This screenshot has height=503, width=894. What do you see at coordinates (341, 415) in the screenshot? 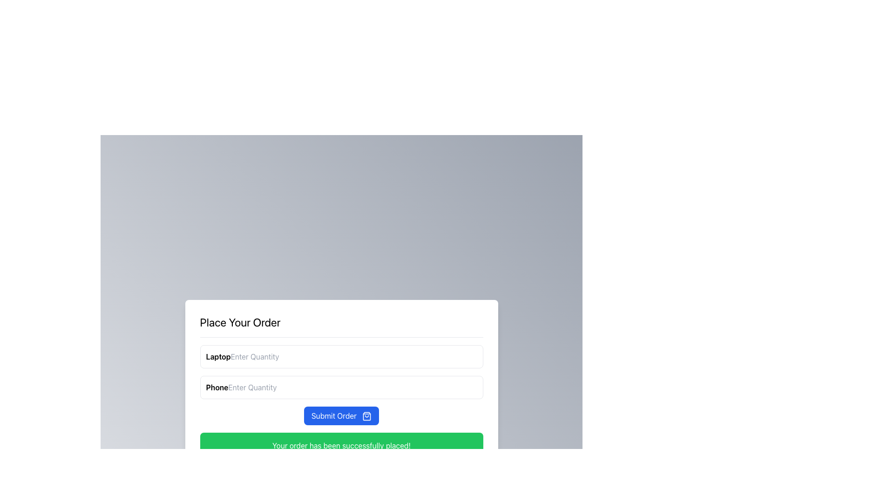
I see `the blue 'Submit Order' button located at the bottom of the form interface` at bounding box center [341, 415].